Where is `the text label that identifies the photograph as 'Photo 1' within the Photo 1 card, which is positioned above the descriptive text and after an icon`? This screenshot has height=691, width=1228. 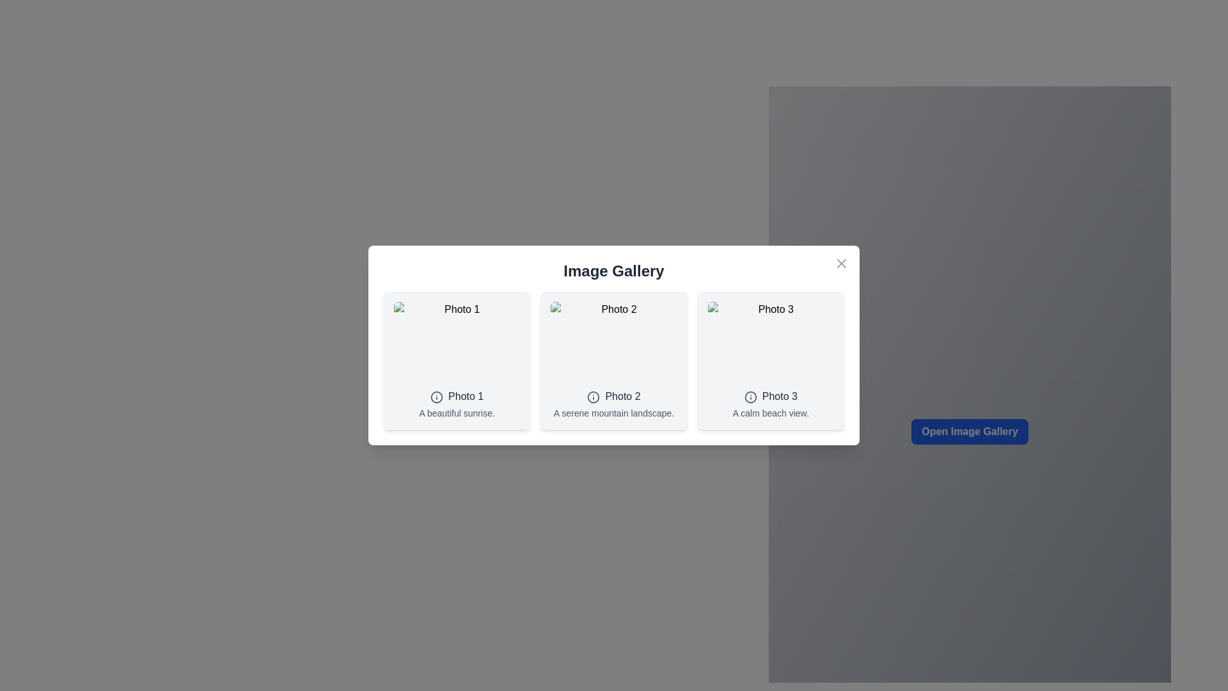
the text label that identifies the photograph as 'Photo 1' within the Photo 1 card, which is positioned above the descriptive text and after an icon is located at coordinates (465, 395).